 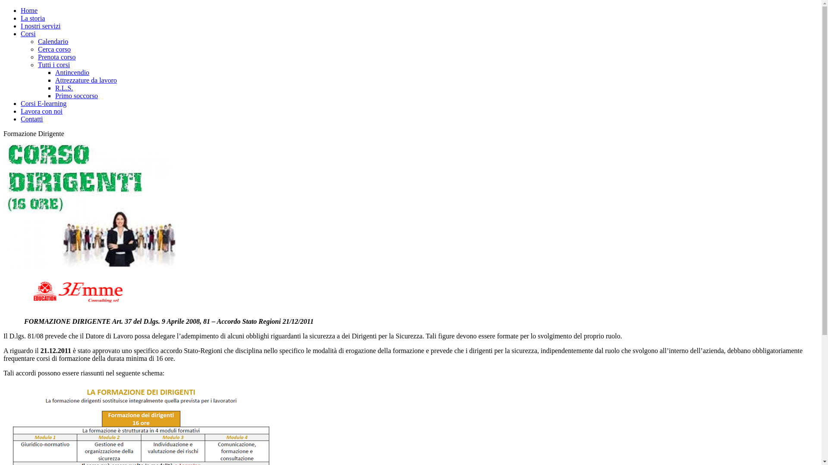 What do you see at coordinates (55, 72) in the screenshot?
I see `'Antincendio'` at bounding box center [55, 72].